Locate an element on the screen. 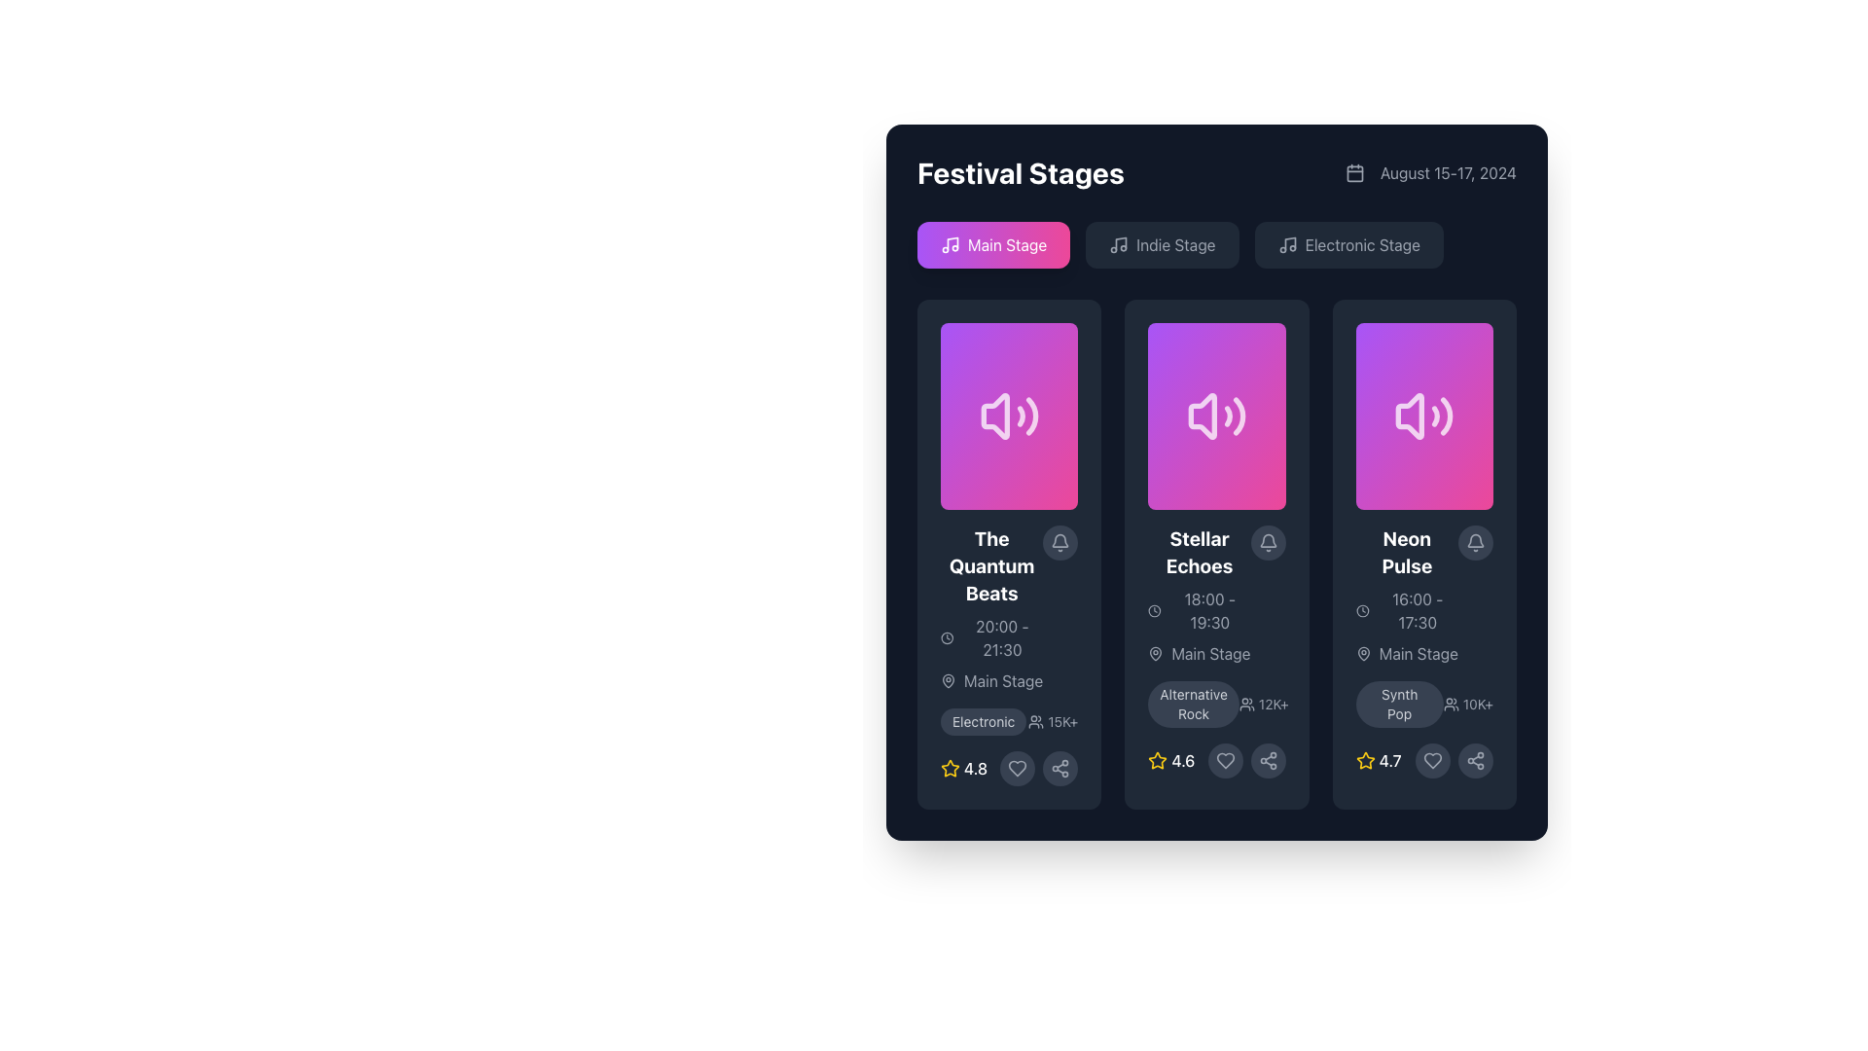  the share action button located at the bottom-right corner of the panel for the 'Neon Pulse' event to share event details is located at coordinates (1475, 760).